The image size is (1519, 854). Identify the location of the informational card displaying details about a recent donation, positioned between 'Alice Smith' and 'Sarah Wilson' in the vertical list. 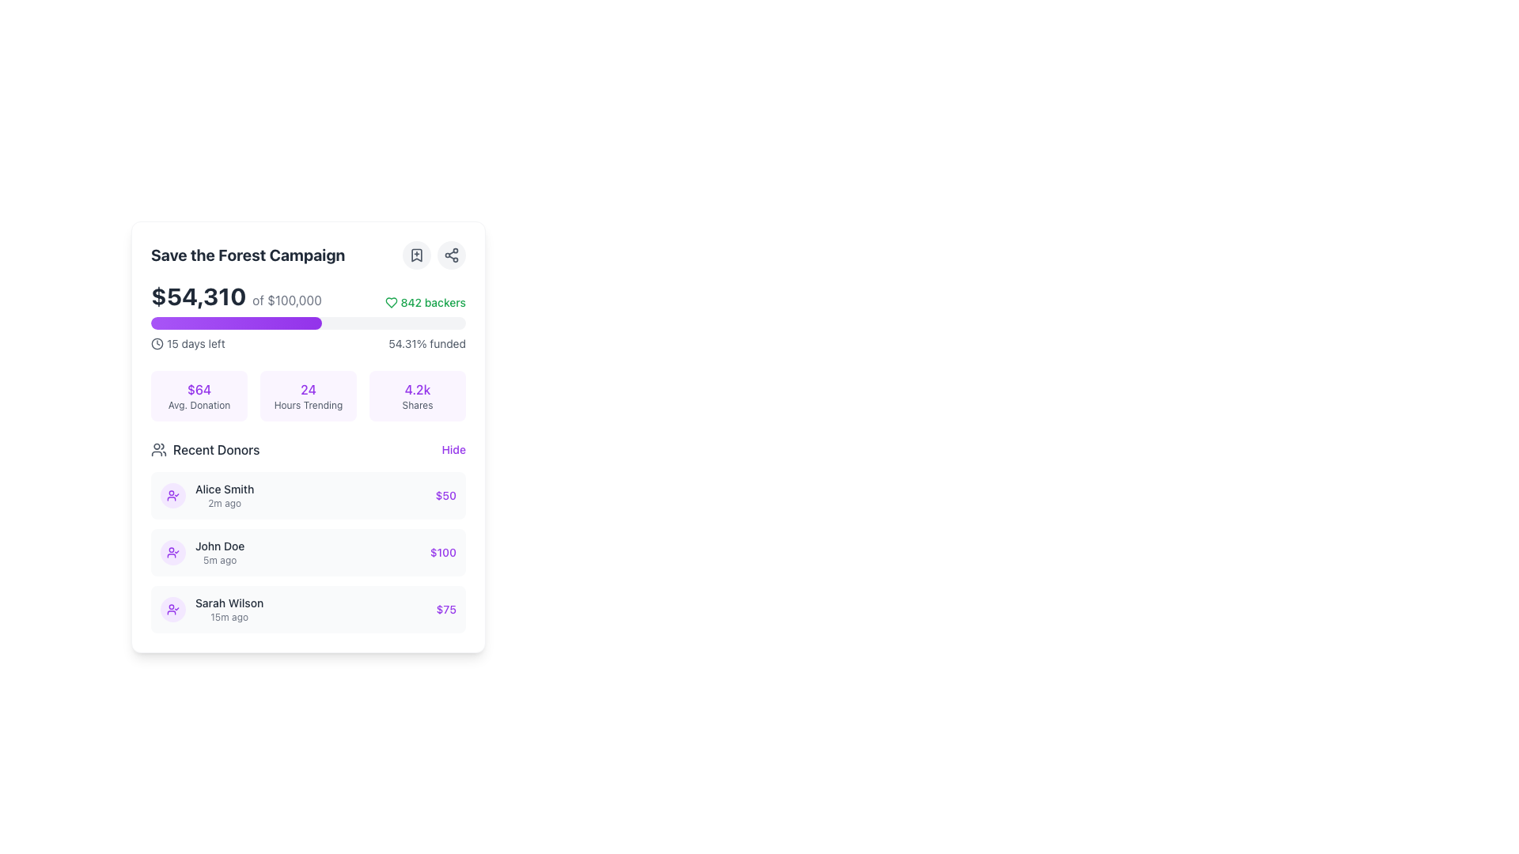
(308, 551).